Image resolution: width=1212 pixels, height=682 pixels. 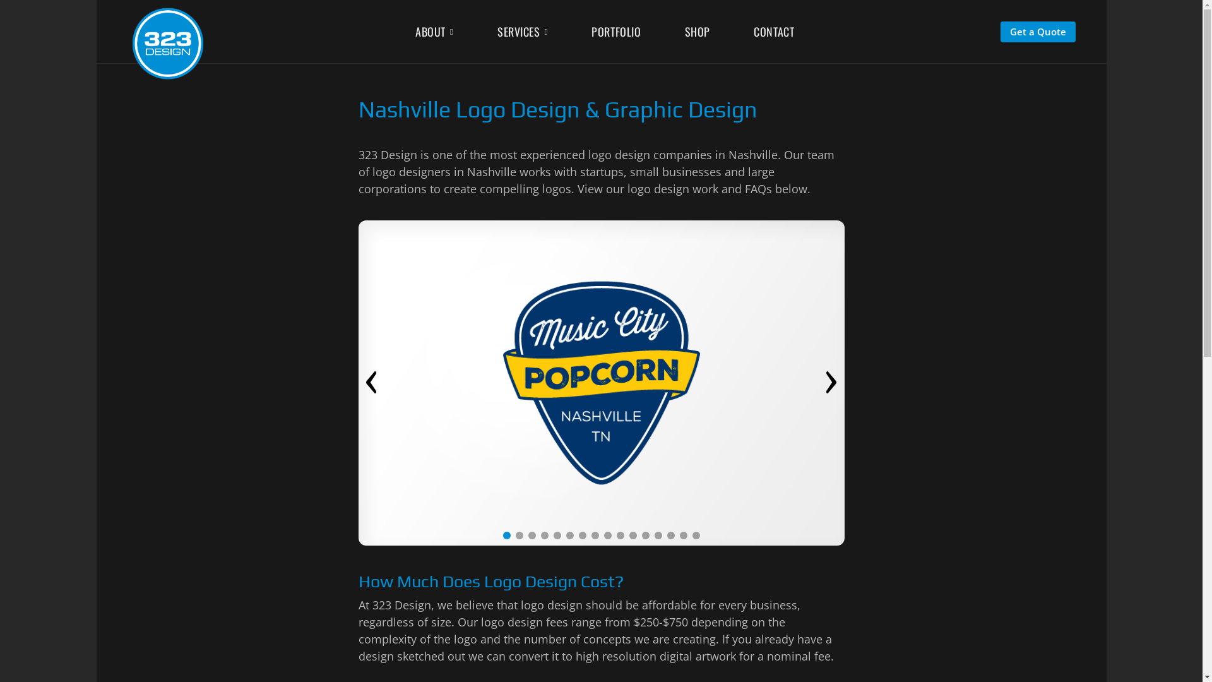 What do you see at coordinates (1038, 29) in the screenshot?
I see `'Get a Quote'` at bounding box center [1038, 29].